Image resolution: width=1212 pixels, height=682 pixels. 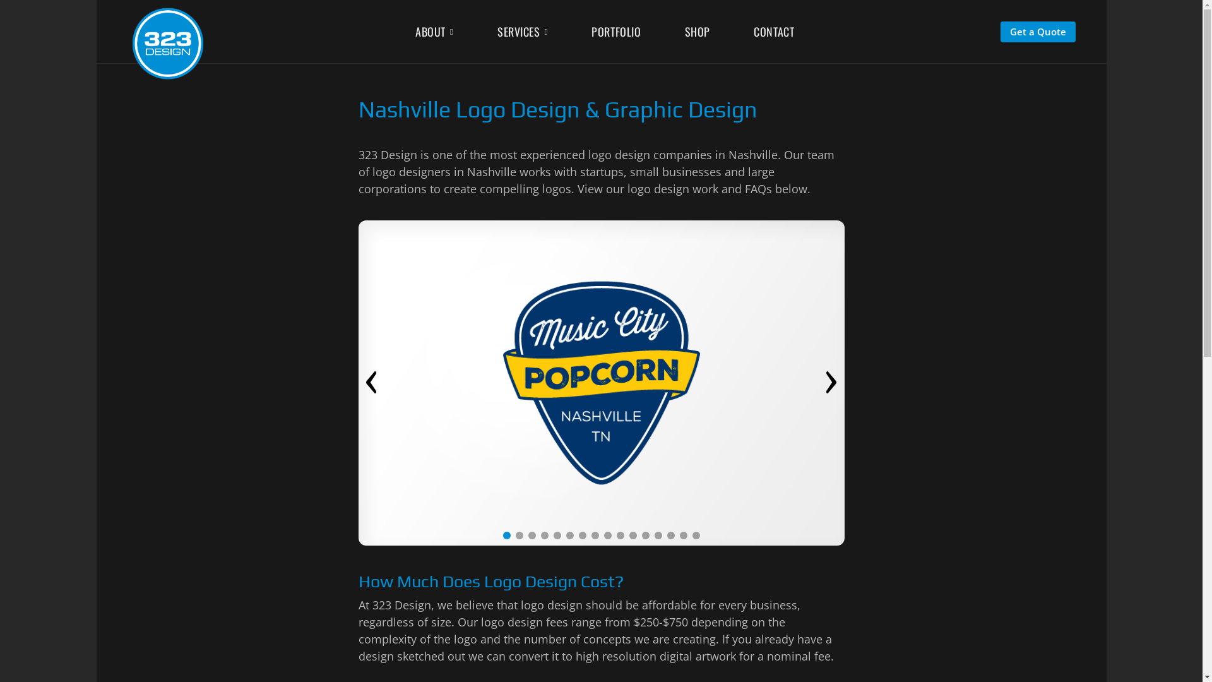 What do you see at coordinates (1038, 29) in the screenshot?
I see `'Get a Quote'` at bounding box center [1038, 29].